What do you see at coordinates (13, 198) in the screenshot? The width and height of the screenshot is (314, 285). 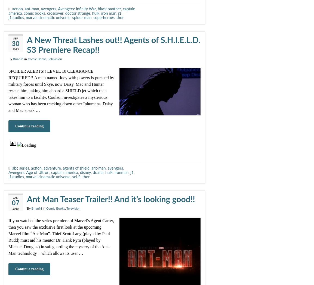 I see `'Jan'` at bounding box center [13, 198].